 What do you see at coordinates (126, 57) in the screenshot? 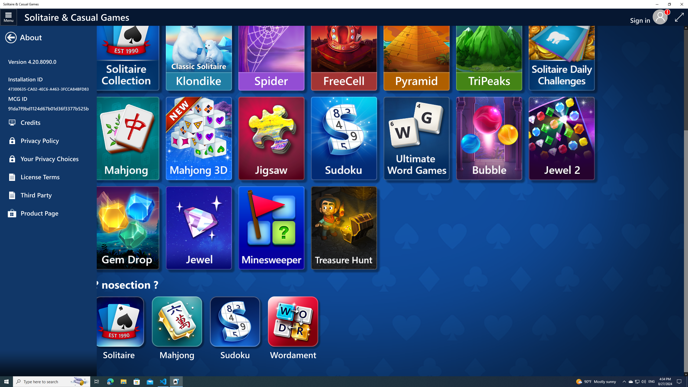
I see `'Microsoft Solitaire Collection'` at bounding box center [126, 57].